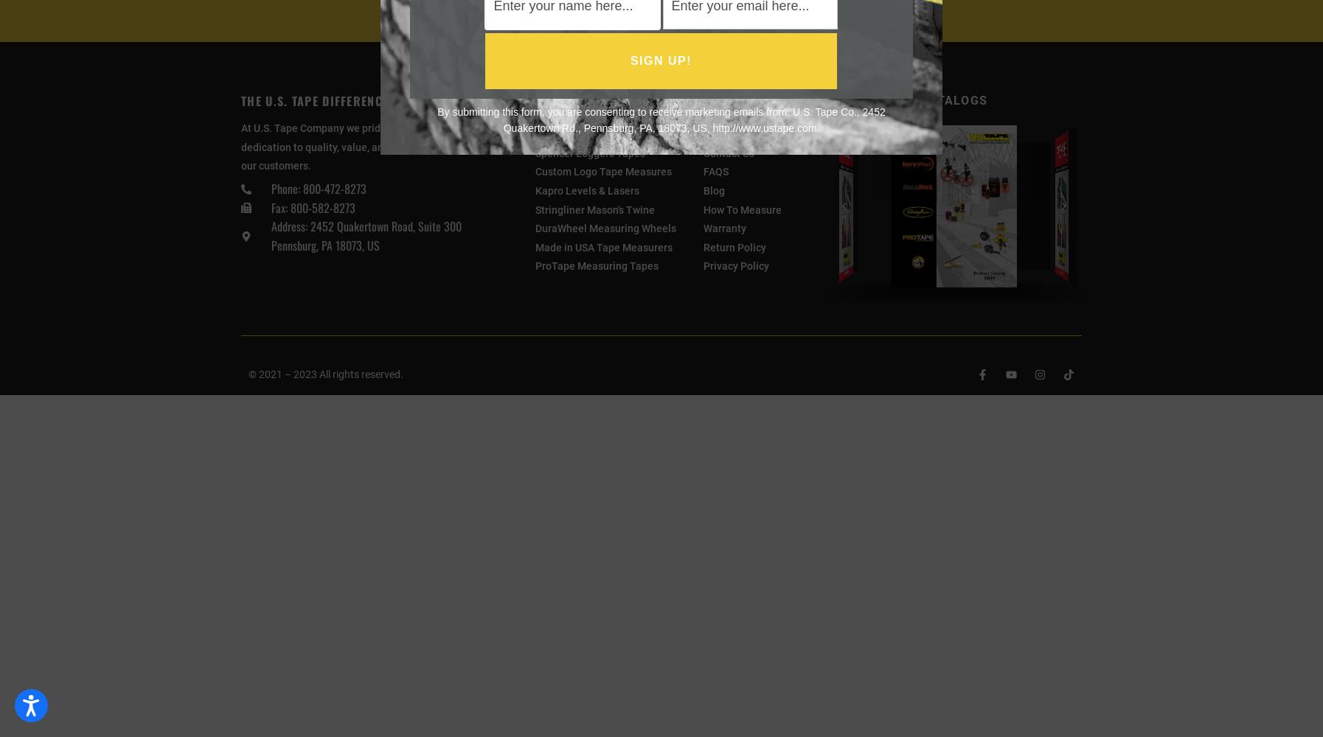  I want to click on 'Fax: 800-582-8273', so click(311, 207).